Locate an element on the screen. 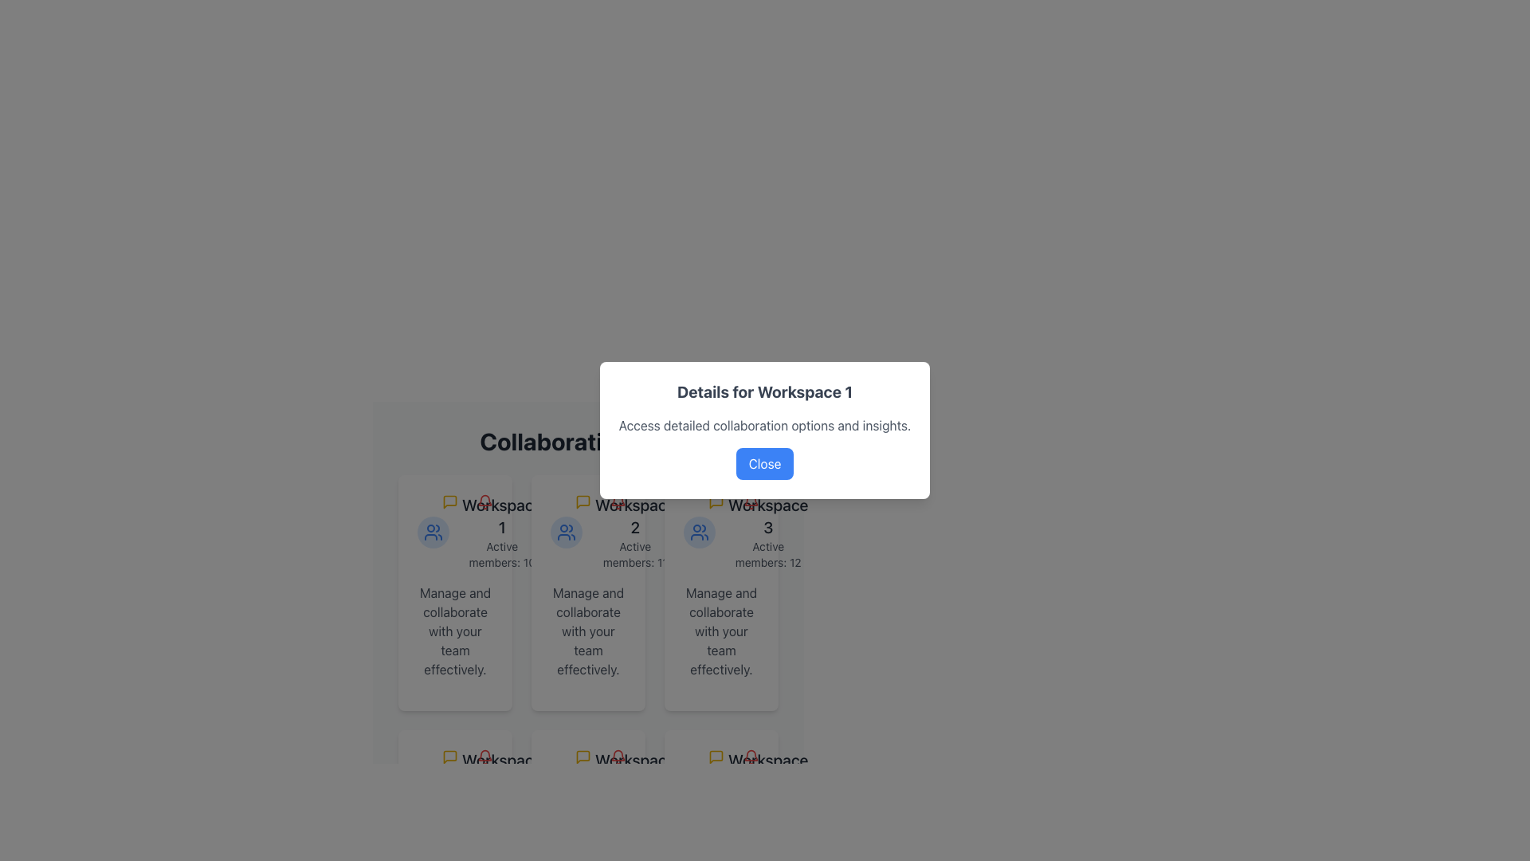 Image resolution: width=1530 pixels, height=861 pixels. the icon with two outlined user figures inside a light blue circular button, located within the 'Workspace 3' card, to the left of the text 'Active members: 12' is located at coordinates (700, 532).